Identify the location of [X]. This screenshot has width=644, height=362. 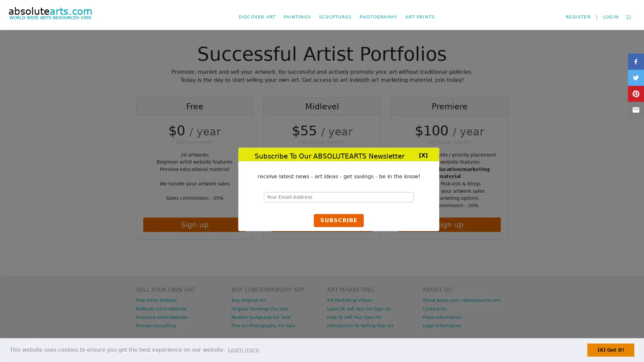
(423, 155).